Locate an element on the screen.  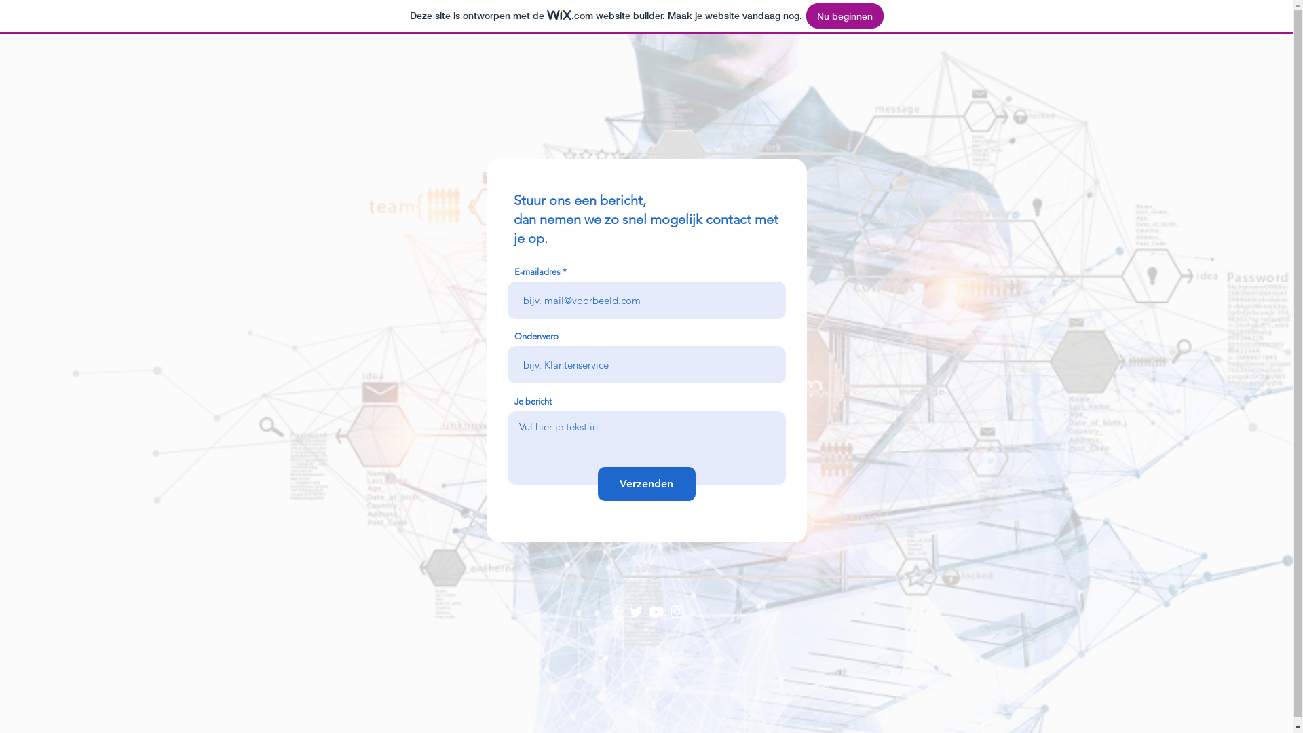
'Verzenden' is located at coordinates (597, 483).